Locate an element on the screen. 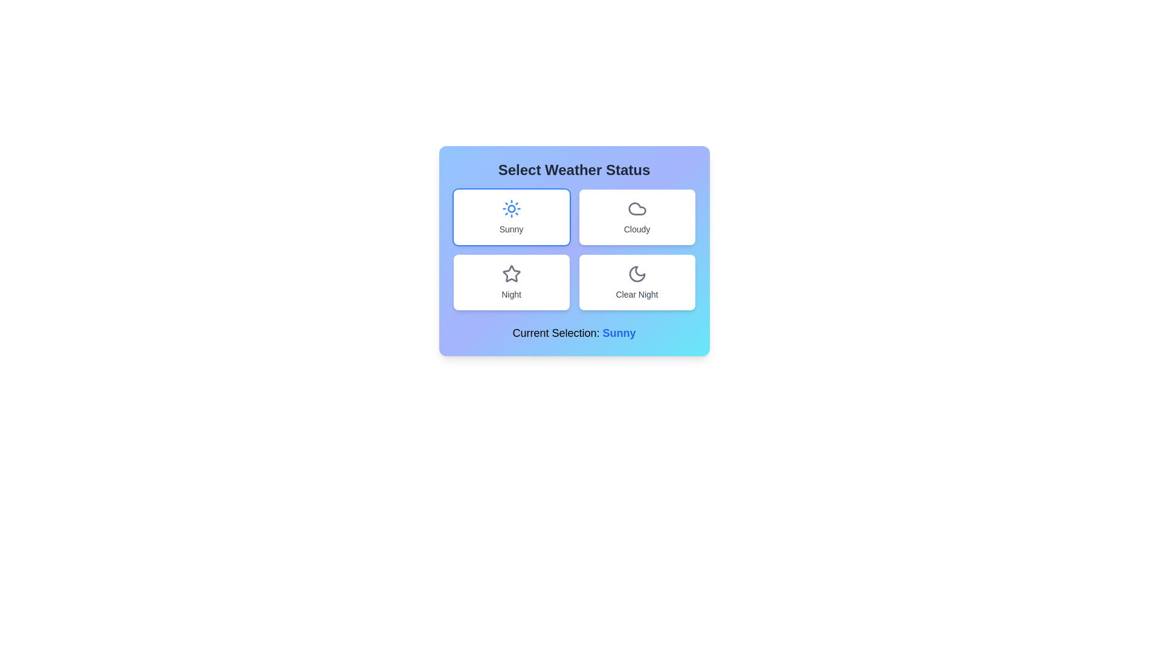 The height and width of the screenshot is (652, 1160). the non-interactive text label that describes the weather condition 'Cloudy', located below the 'Cloudy' icon in the top-right corner of the interface card is located at coordinates (636, 229).